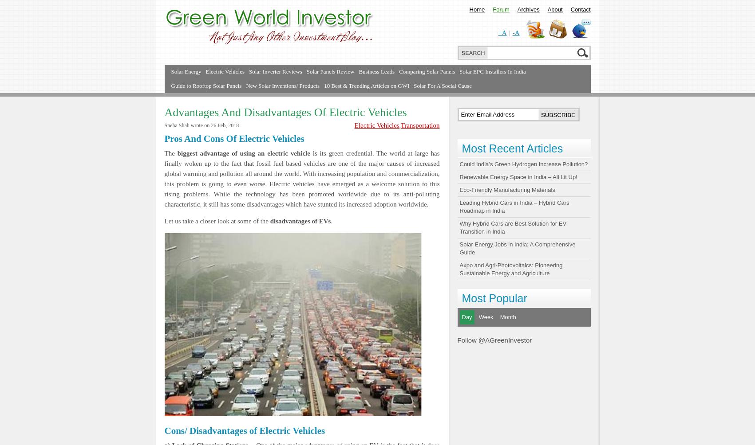  What do you see at coordinates (457, 340) in the screenshot?
I see `'Follow @AGreenInvestor'` at bounding box center [457, 340].